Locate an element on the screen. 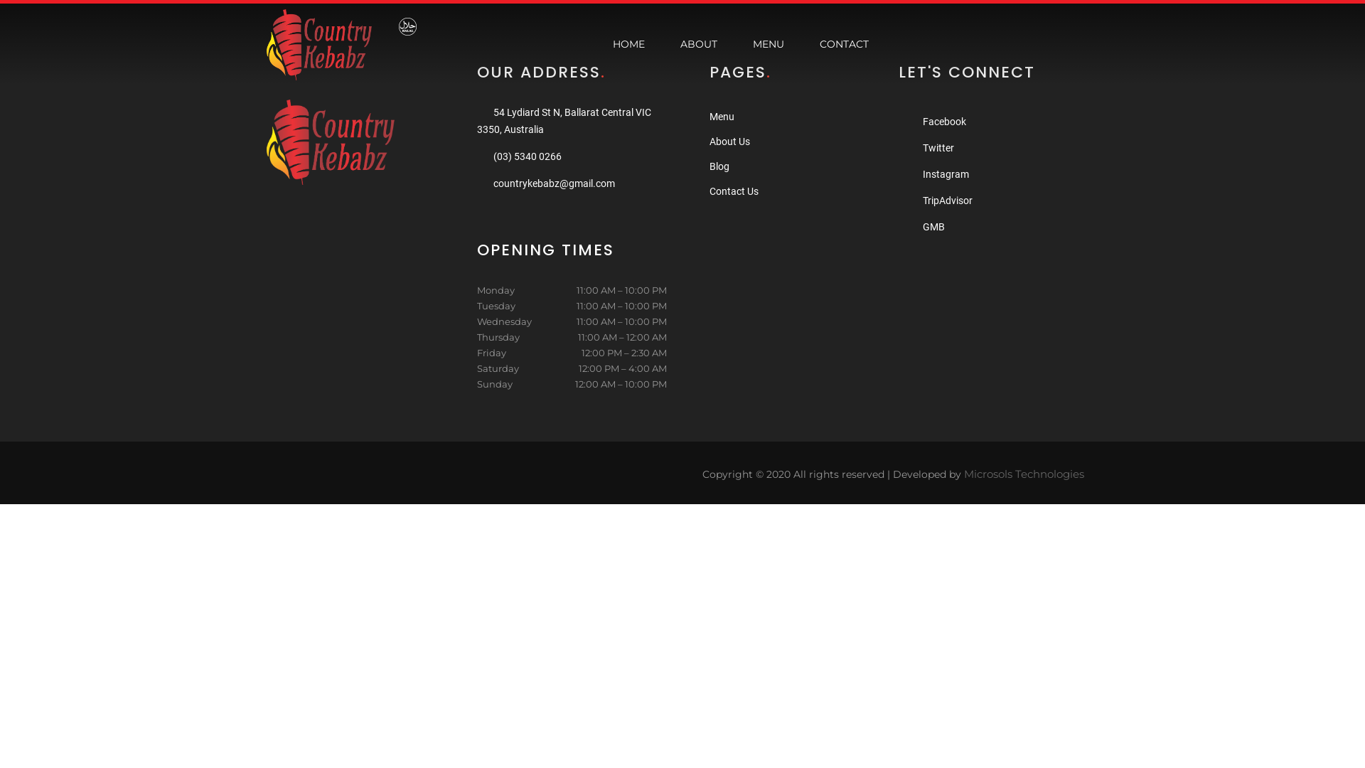 The image size is (1365, 768). 'MENU' is located at coordinates (767, 43).